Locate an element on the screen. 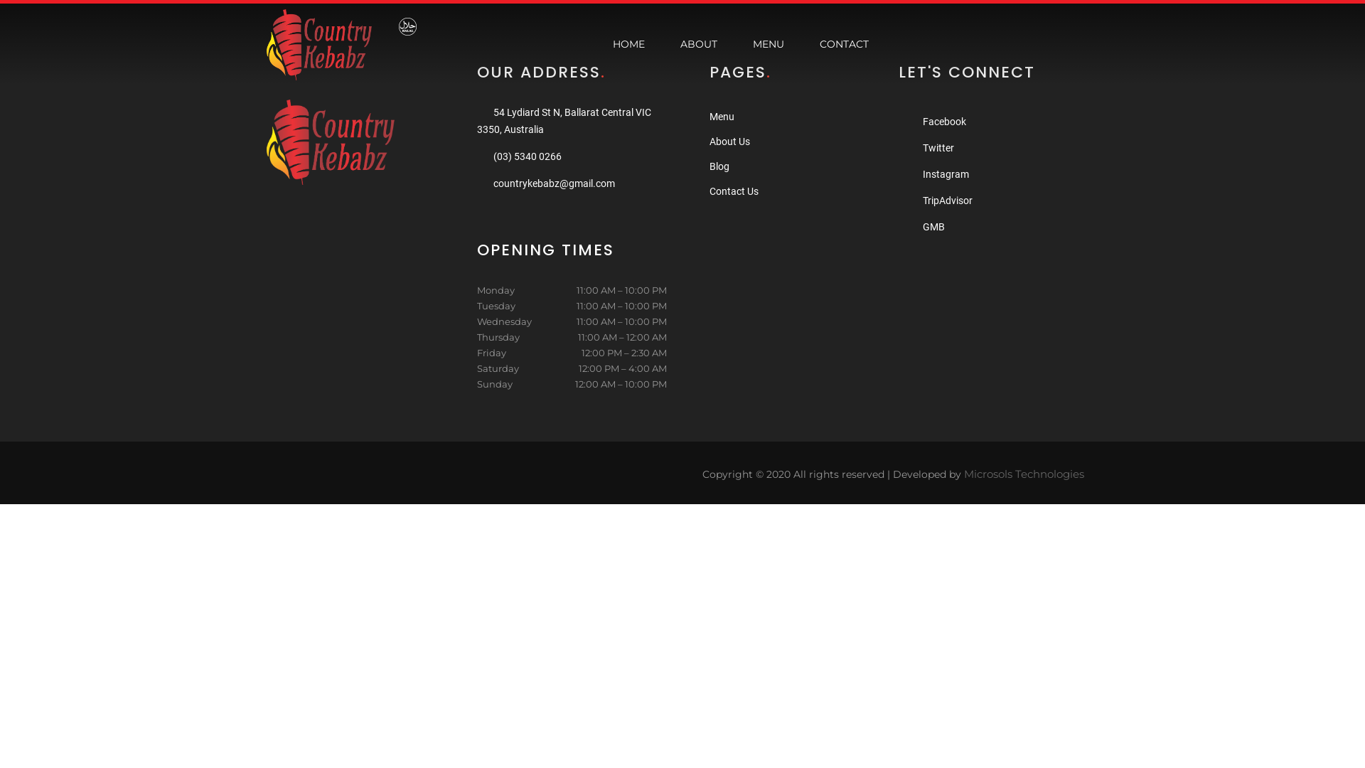 The image size is (1365, 768). 'MENU' is located at coordinates (767, 43).